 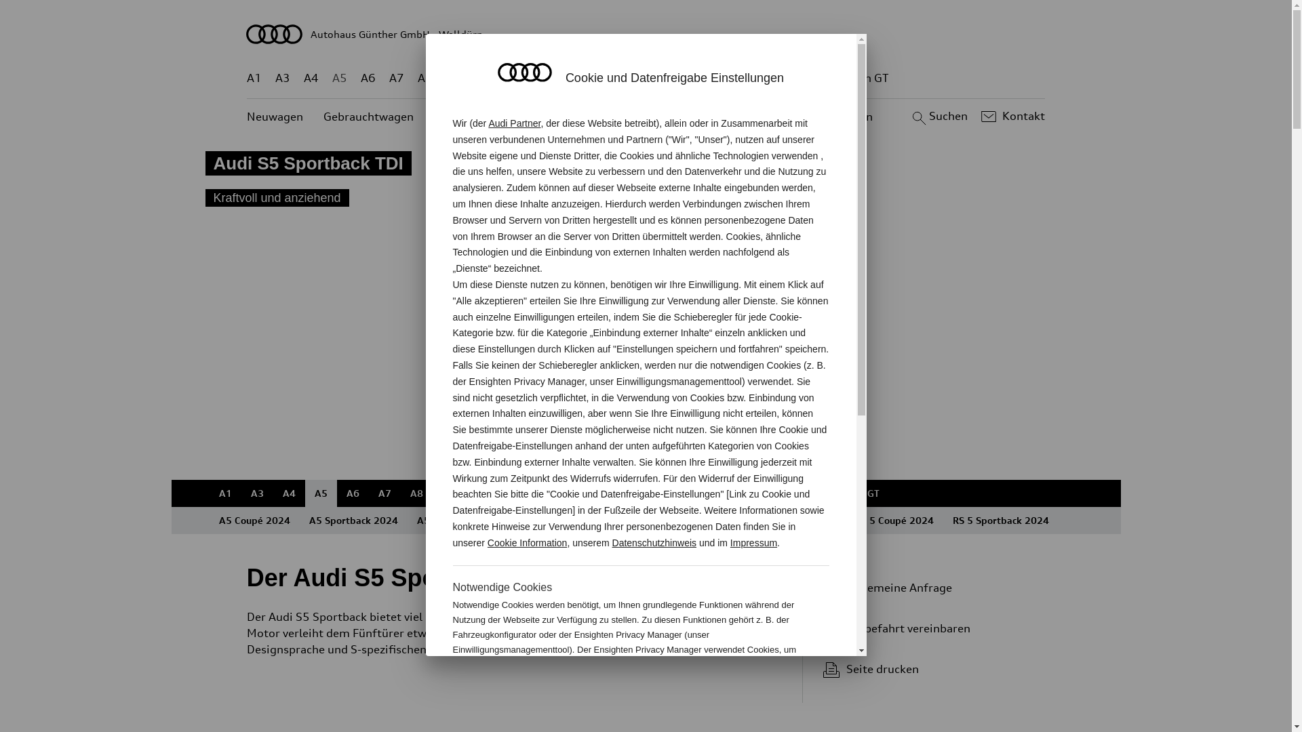 I want to click on 'A3', so click(x=282, y=78).